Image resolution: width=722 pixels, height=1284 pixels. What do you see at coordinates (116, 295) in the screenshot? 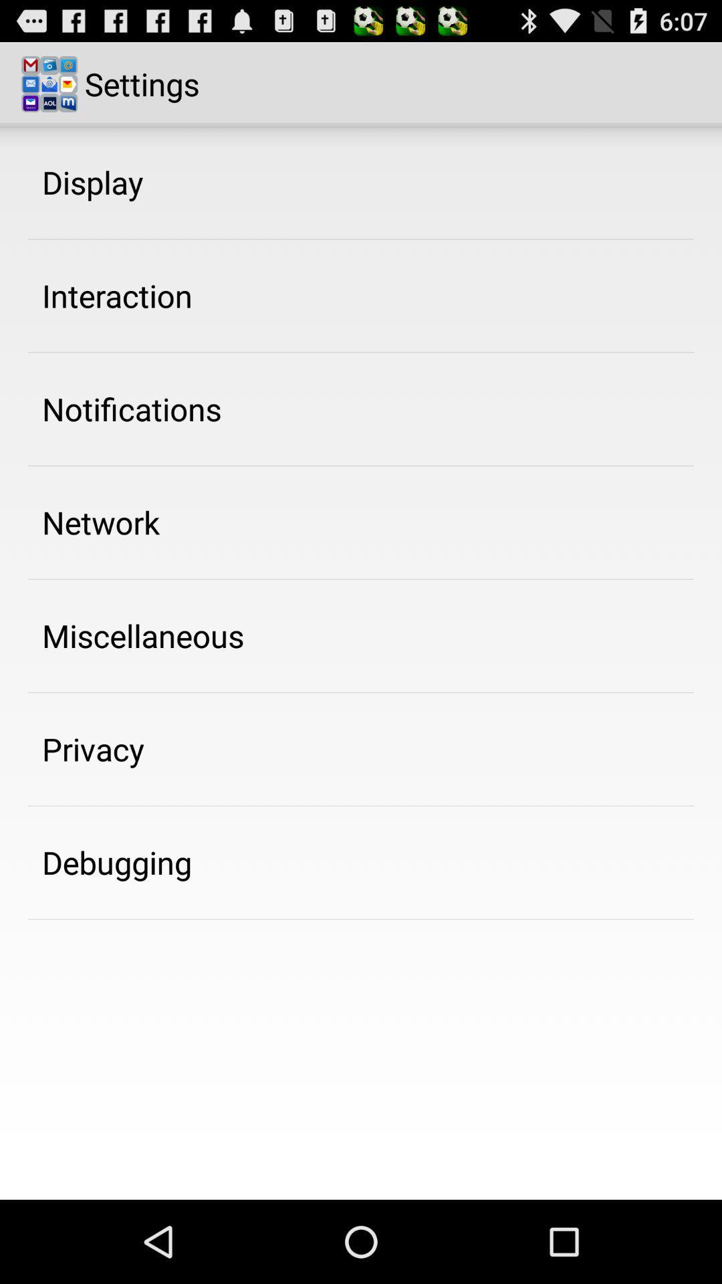
I see `app above the notifications` at bounding box center [116, 295].